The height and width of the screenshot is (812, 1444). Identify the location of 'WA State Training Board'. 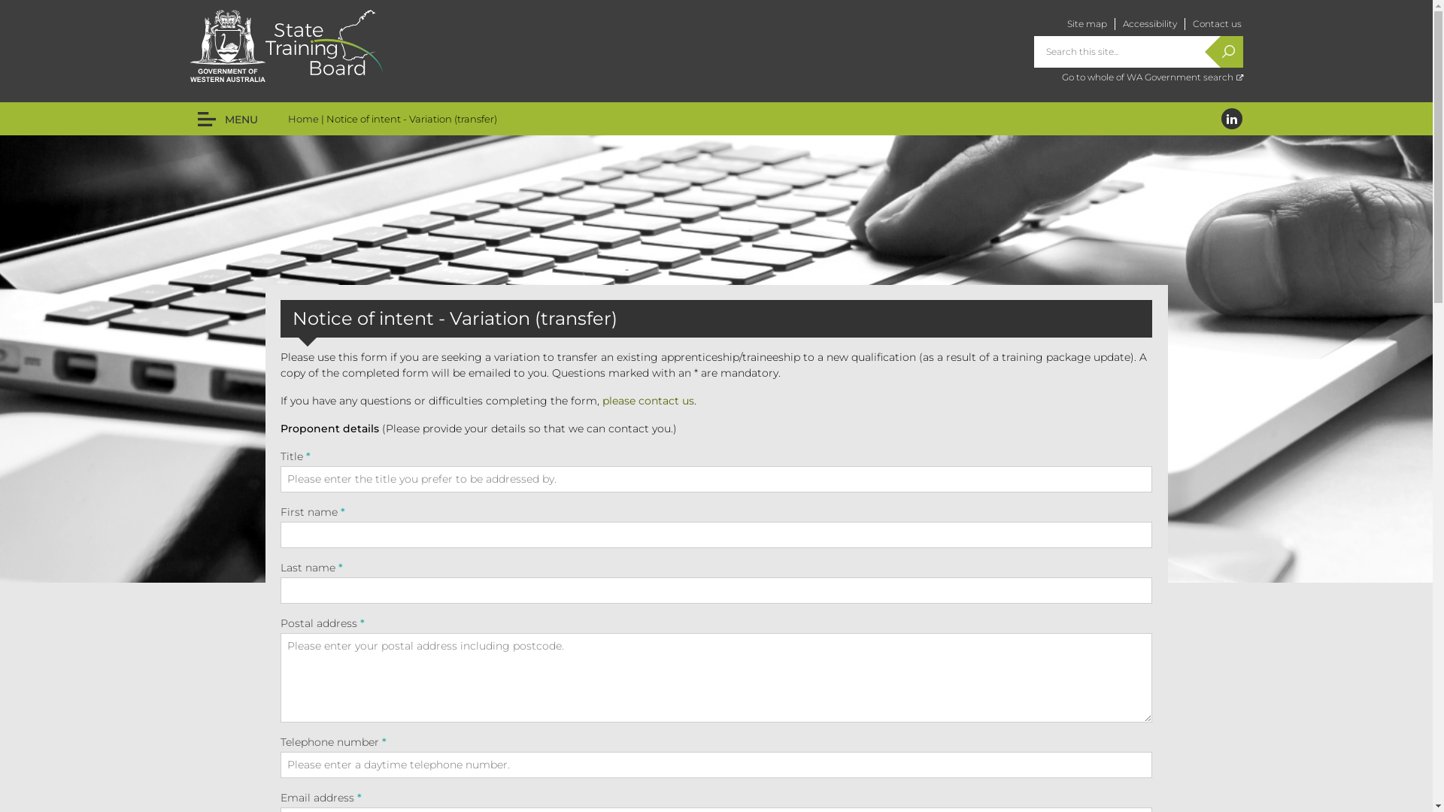
(323, 41).